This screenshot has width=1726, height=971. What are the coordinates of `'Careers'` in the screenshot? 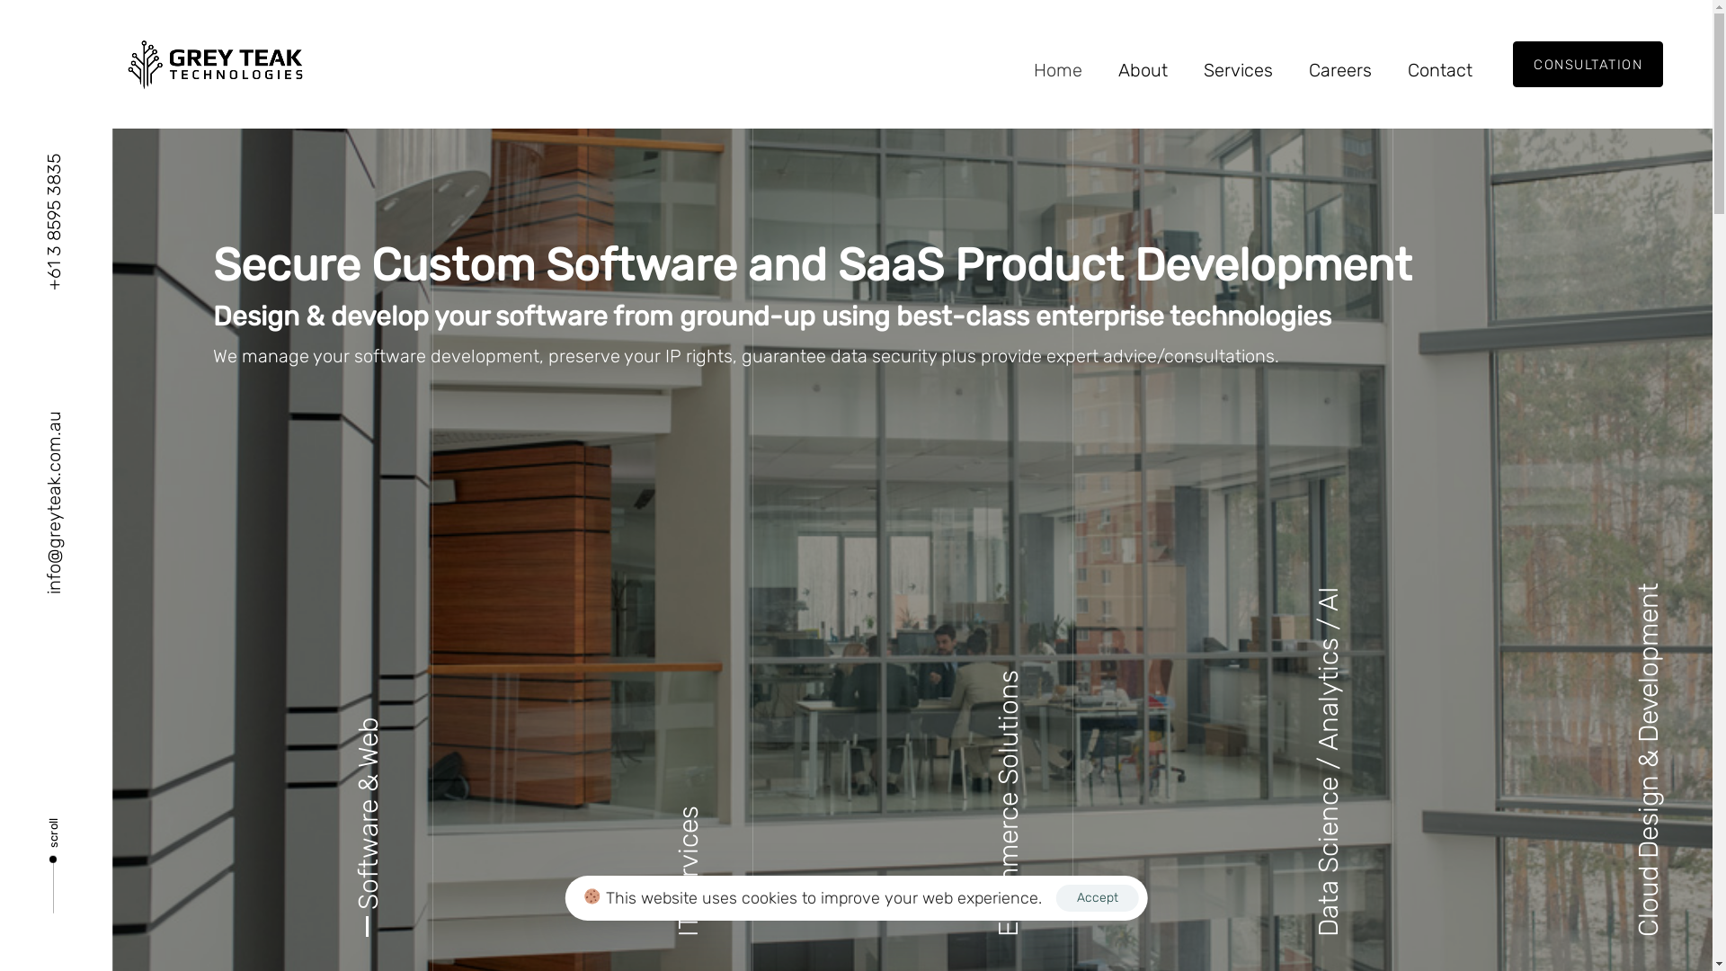 It's located at (1340, 68).